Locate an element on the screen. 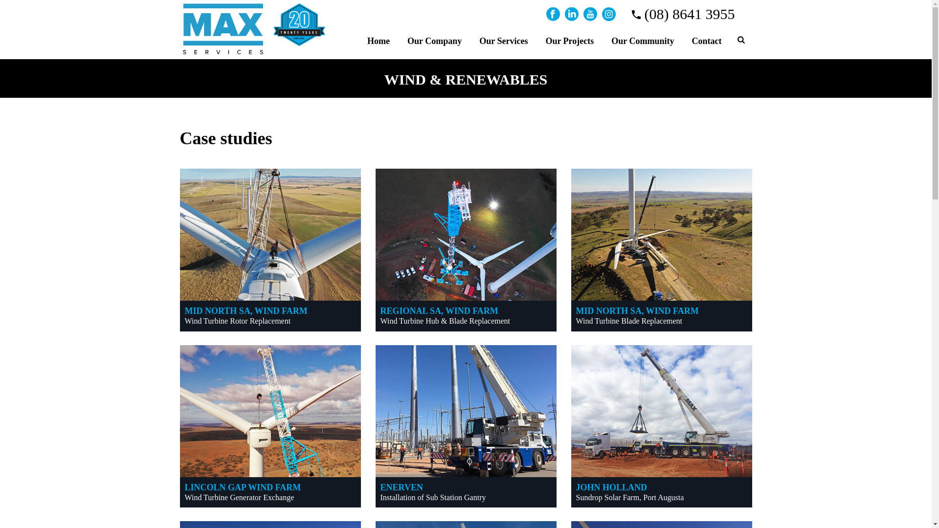  'Our Services' is located at coordinates (503, 39).